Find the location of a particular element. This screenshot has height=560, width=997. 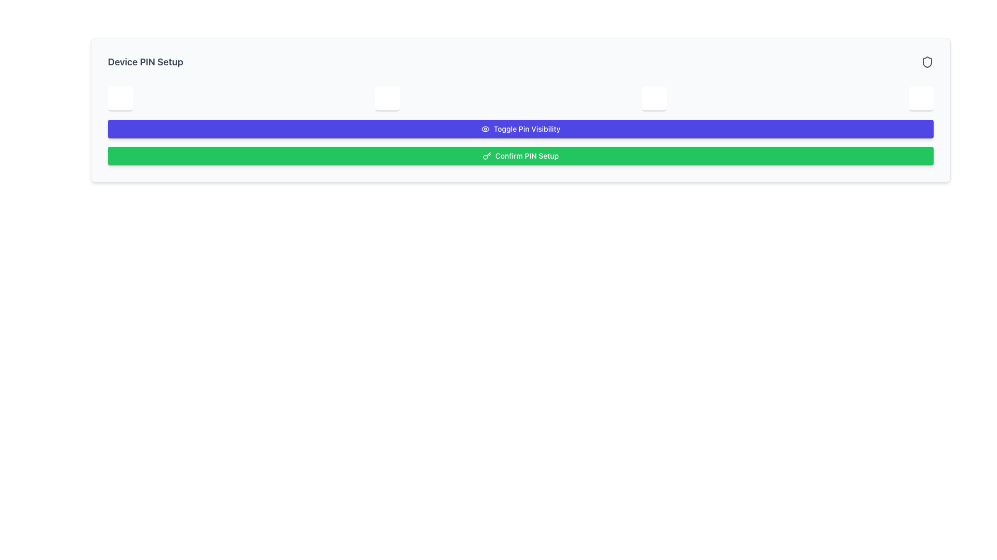

the shield-shaped icon with a black outline located in the top-right corner of the header section labeled 'Device PIN Setup' is located at coordinates (927, 62).